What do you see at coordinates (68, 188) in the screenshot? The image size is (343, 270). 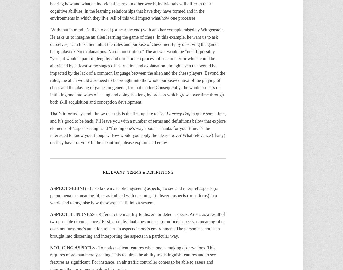 I see `'ASPECT SEEING'` at bounding box center [68, 188].